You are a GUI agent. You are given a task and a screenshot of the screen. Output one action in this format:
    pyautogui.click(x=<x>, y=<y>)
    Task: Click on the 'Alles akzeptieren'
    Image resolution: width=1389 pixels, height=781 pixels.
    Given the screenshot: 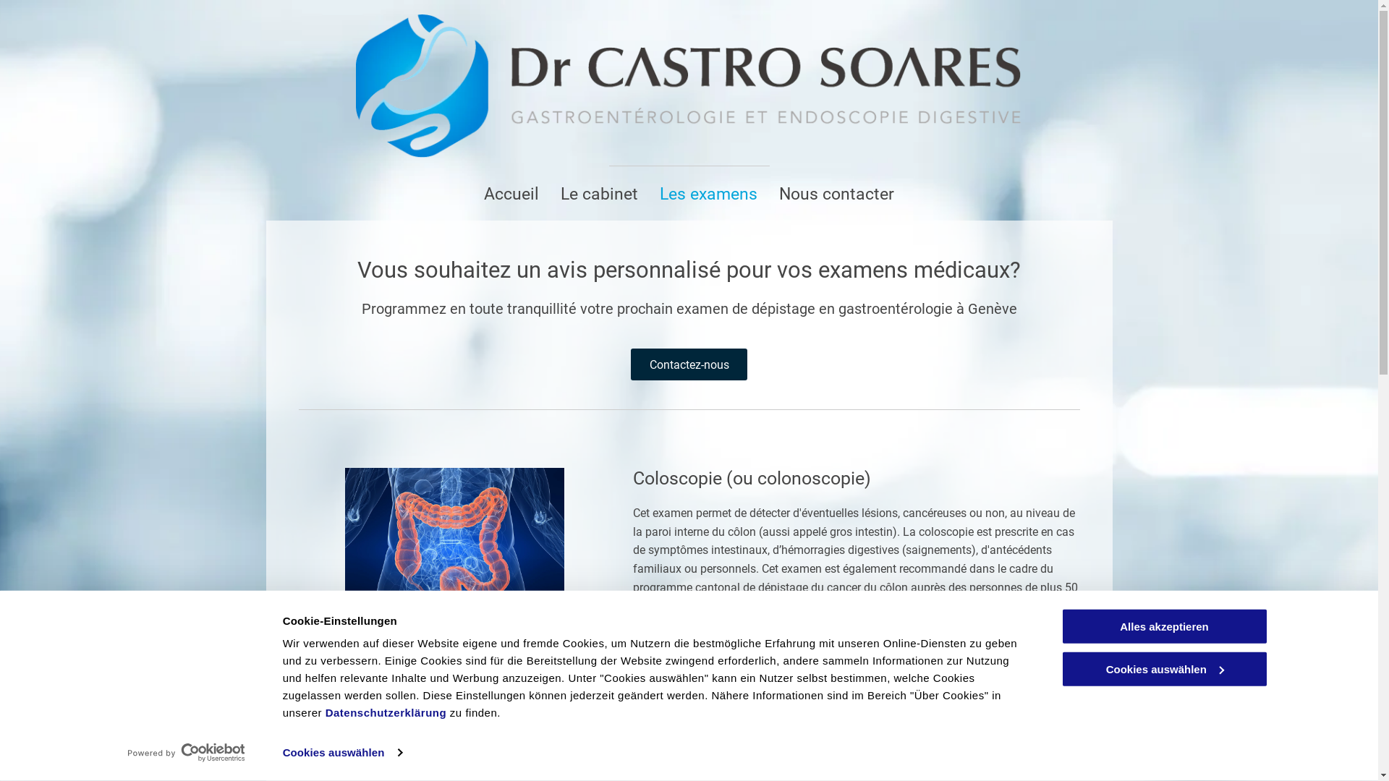 What is the action you would take?
    pyautogui.click(x=1060, y=626)
    